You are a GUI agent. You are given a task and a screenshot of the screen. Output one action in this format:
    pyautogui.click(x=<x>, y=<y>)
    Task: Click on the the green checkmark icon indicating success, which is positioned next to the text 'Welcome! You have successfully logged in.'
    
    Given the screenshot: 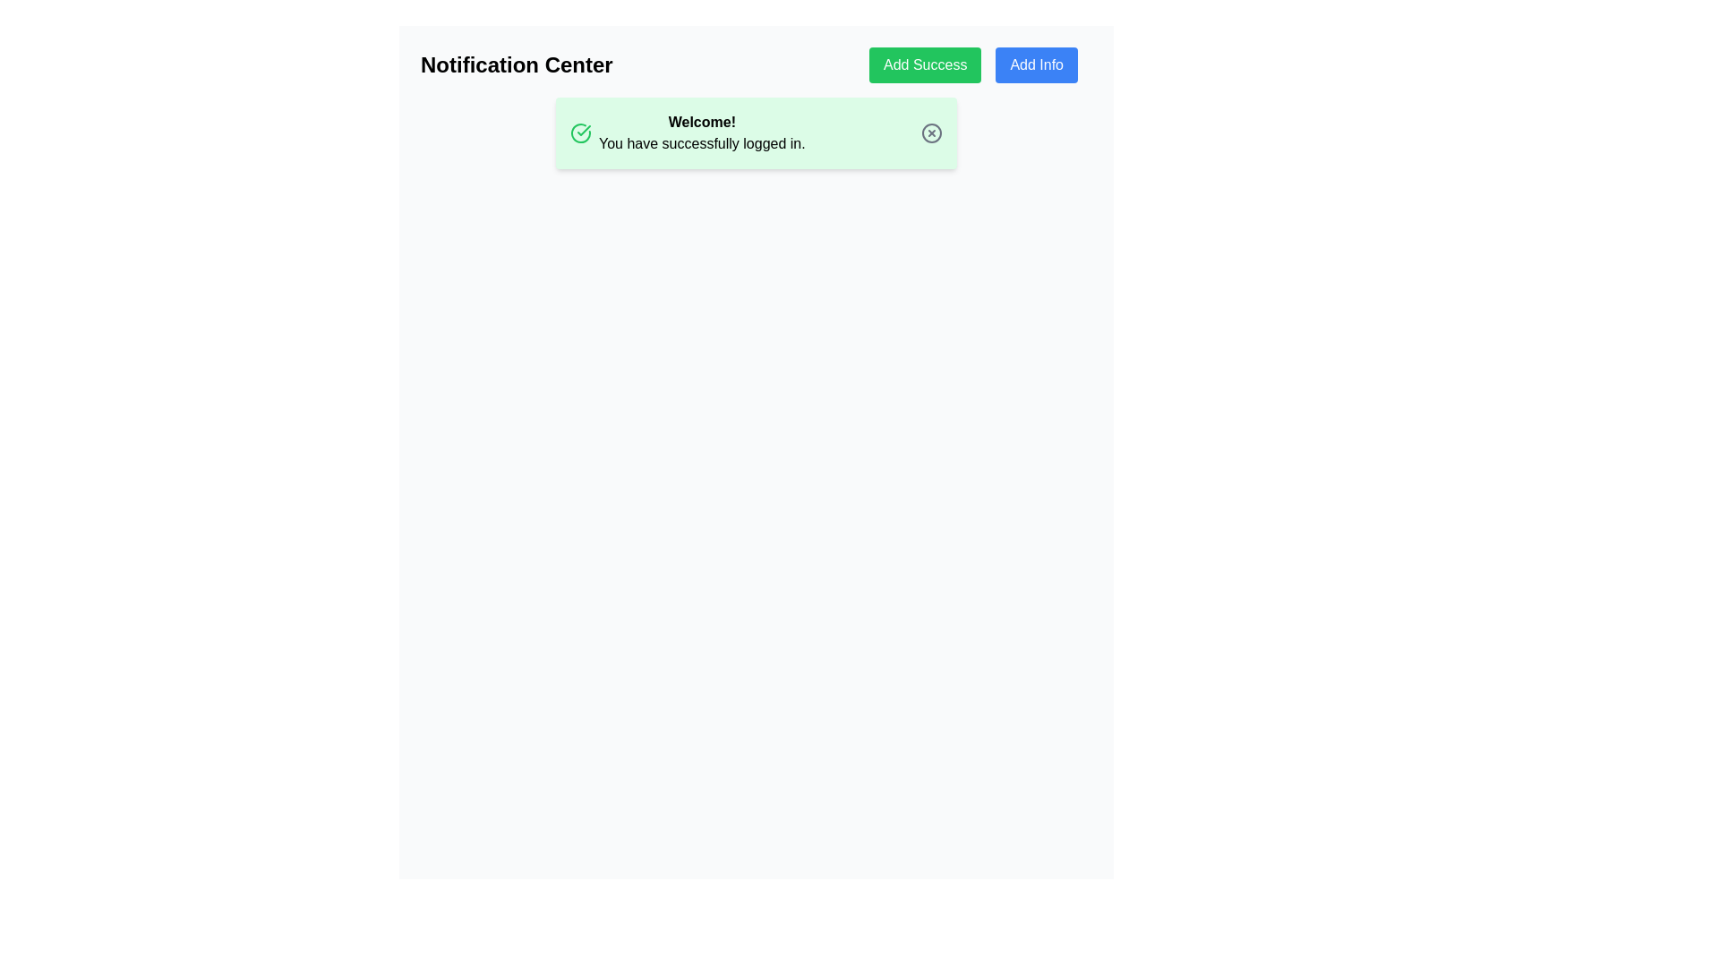 What is the action you would take?
    pyautogui.click(x=584, y=130)
    